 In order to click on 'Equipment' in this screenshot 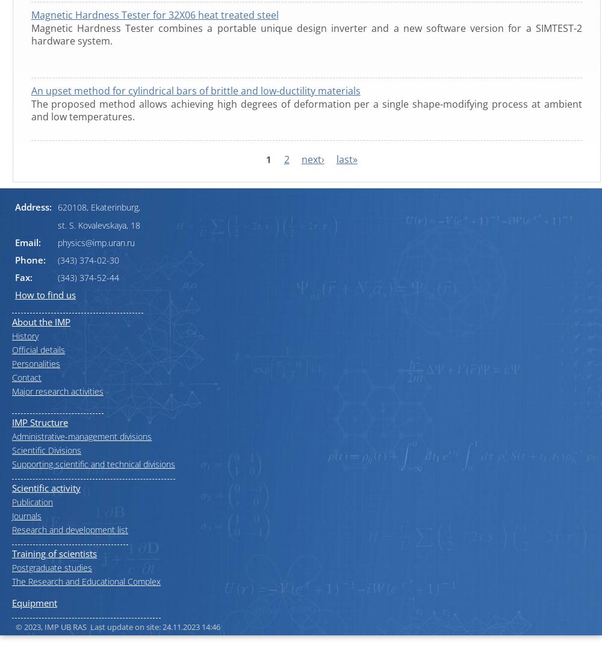, I will do `click(34, 601)`.